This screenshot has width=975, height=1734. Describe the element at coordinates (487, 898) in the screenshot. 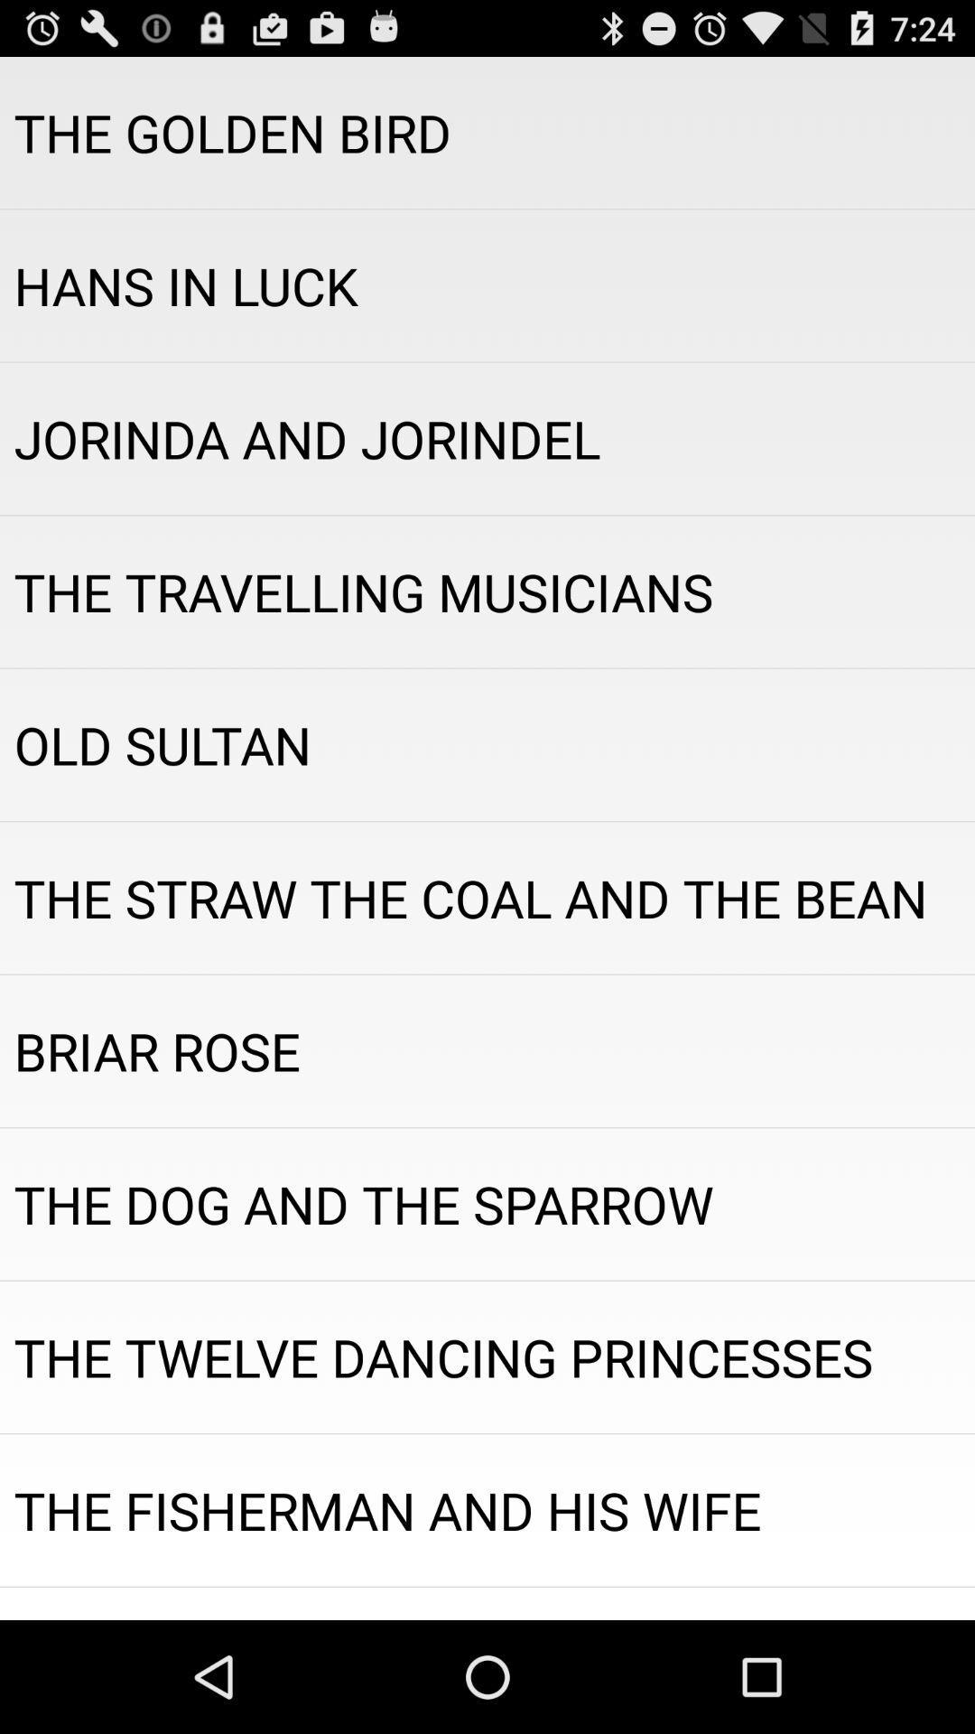

I see `the straw the icon` at that location.